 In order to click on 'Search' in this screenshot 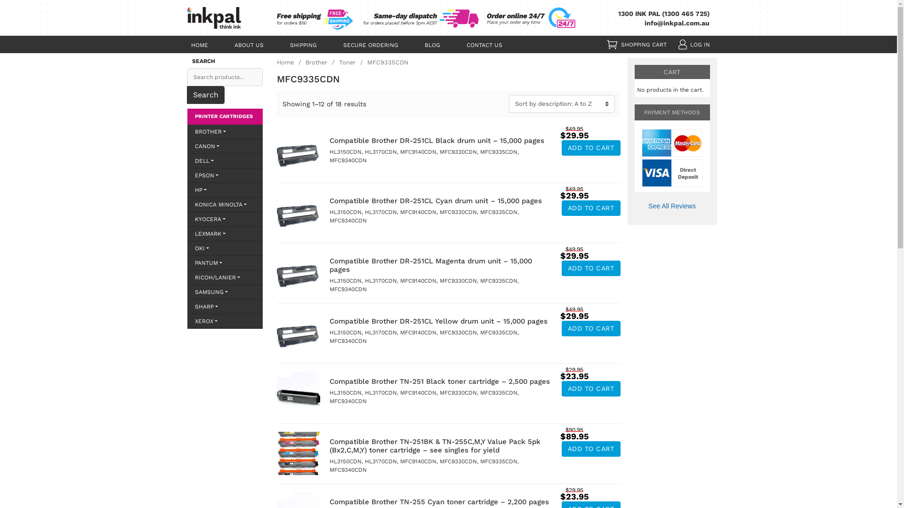, I will do `click(186, 95)`.